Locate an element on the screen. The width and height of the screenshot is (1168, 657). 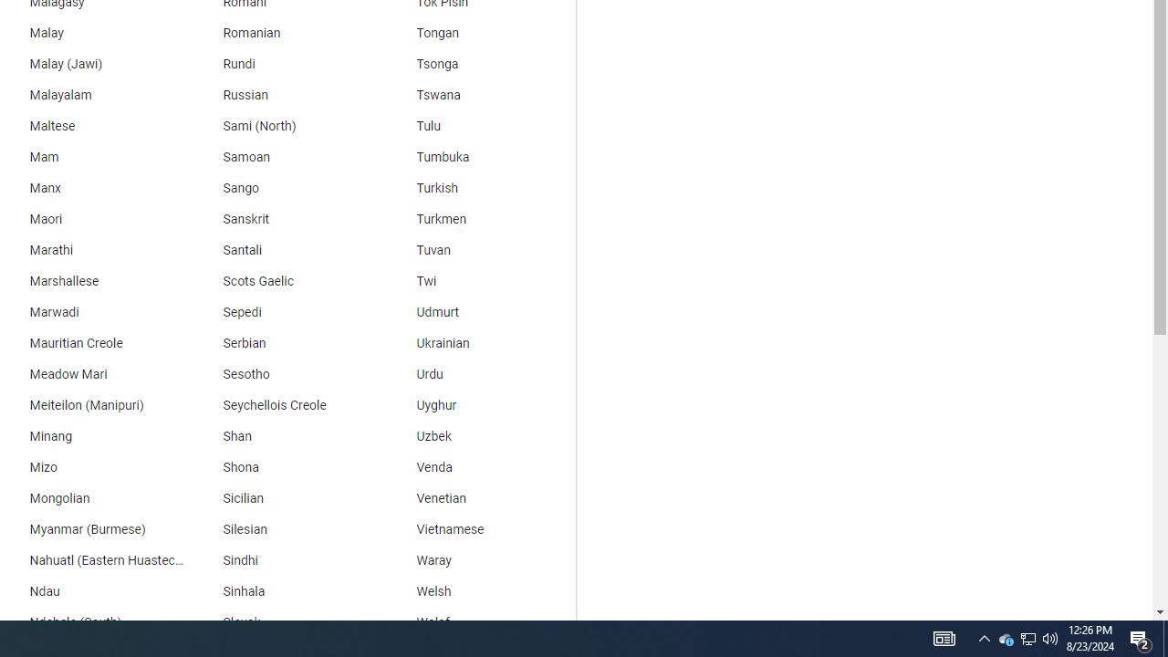
'Sango' is located at coordinates (284, 188).